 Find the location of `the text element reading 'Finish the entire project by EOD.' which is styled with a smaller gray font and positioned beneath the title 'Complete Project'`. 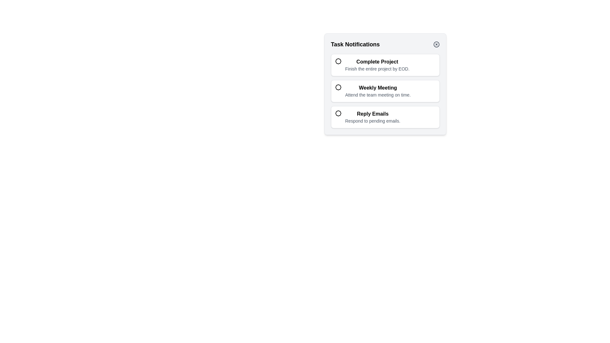

the text element reading 'Finish the entire project by EOD.' which is styled with a smaller gray font and positioned beneath the title 'Complete Project' is located at coordinates (377, 69).